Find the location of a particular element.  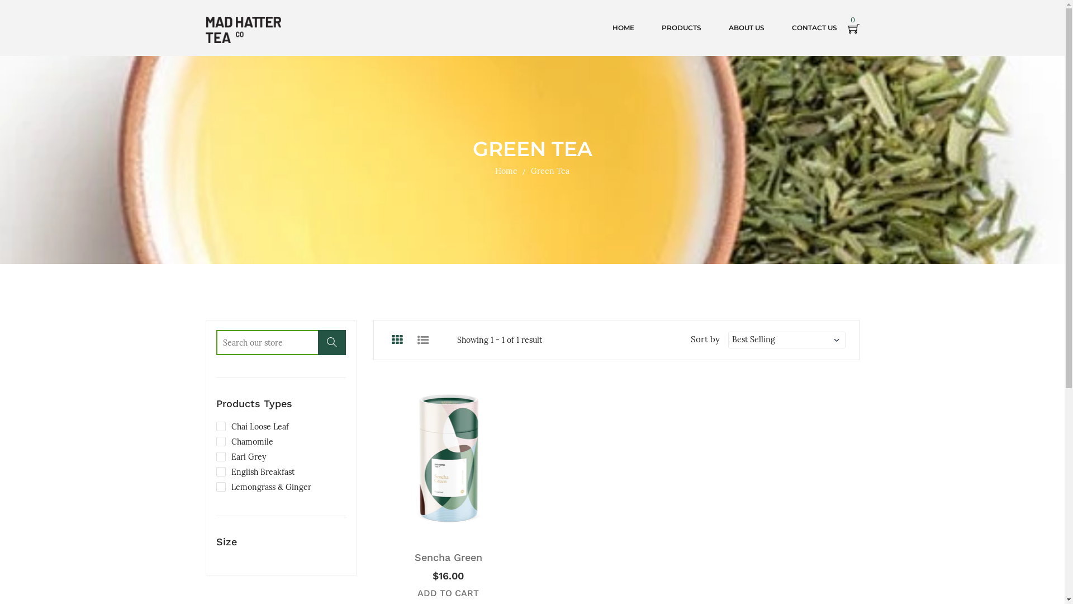

'PRODUCTS' is located at coordinates (681, 27).